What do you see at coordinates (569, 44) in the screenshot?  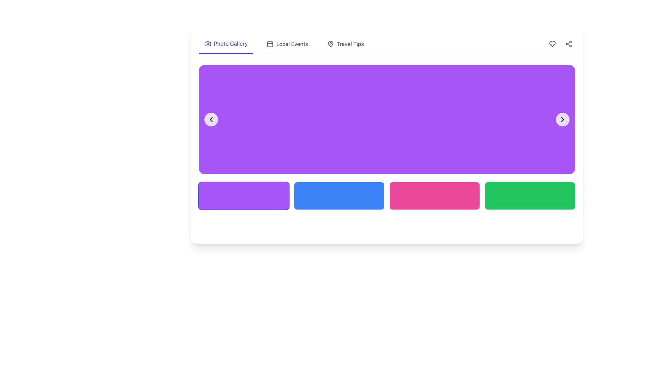 I see `the sharing functionality icon located in the top-right corner of the interface, characterized by three circular nodes and two connecting lines forming a triangular pattern` at bounding box center [569, 44].